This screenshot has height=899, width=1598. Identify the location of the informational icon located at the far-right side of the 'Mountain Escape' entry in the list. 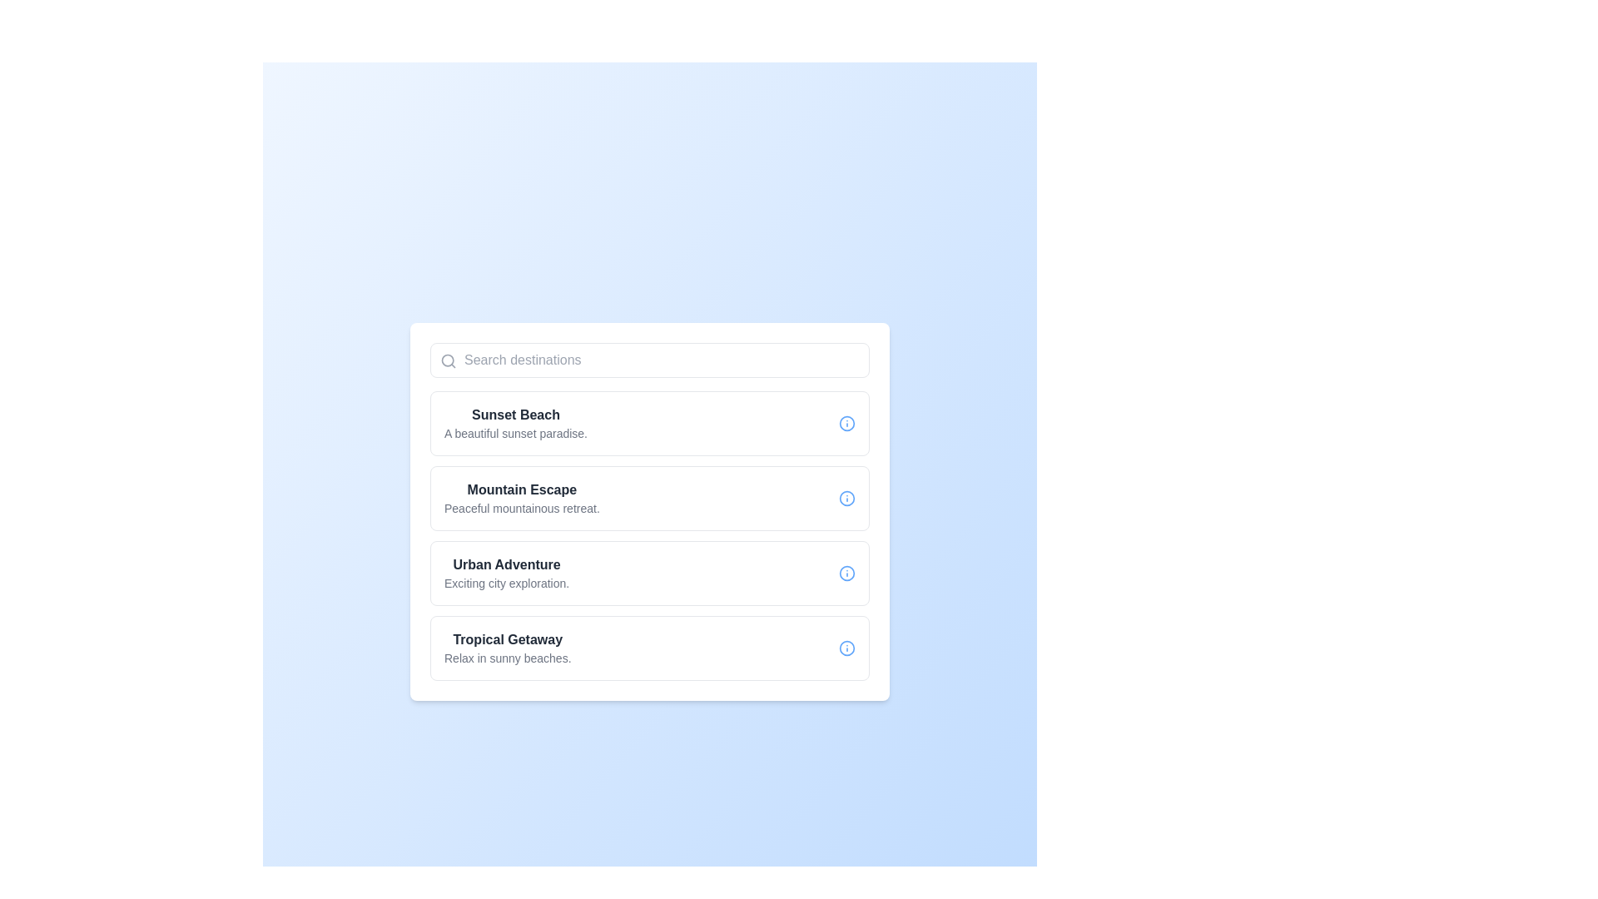
(846, 497).